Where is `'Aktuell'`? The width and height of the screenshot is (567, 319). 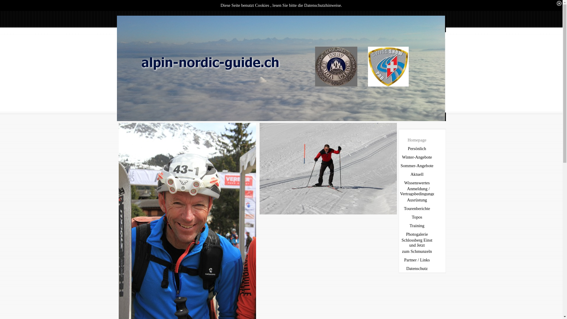
'Aktuell' is located at coordinates (417, 174).